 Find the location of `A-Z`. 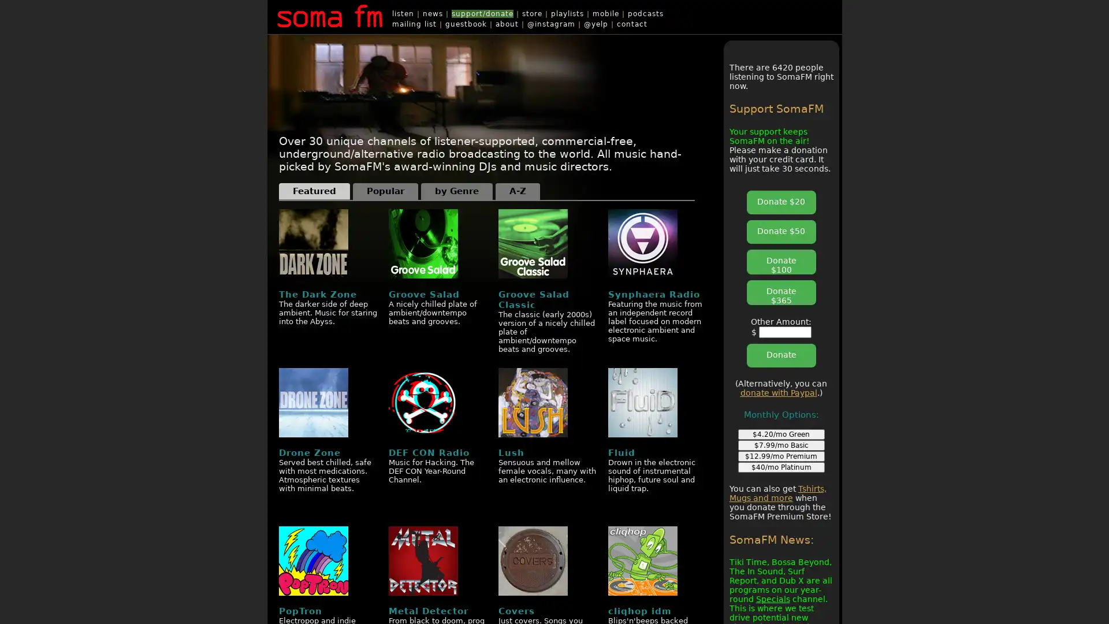

A-Z is located at coordinates (516, 191).